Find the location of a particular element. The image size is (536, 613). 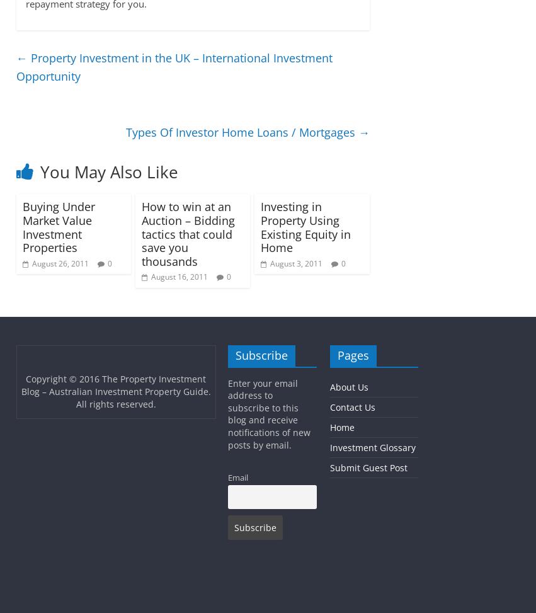

'Property Investment in the UK – International Investment Opportunity' is located at coordinates (173, 66).